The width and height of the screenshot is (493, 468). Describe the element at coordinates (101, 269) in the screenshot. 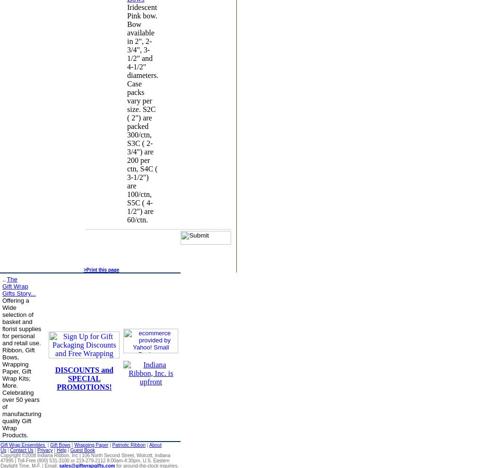

I see `'>Print this page'` at that location.